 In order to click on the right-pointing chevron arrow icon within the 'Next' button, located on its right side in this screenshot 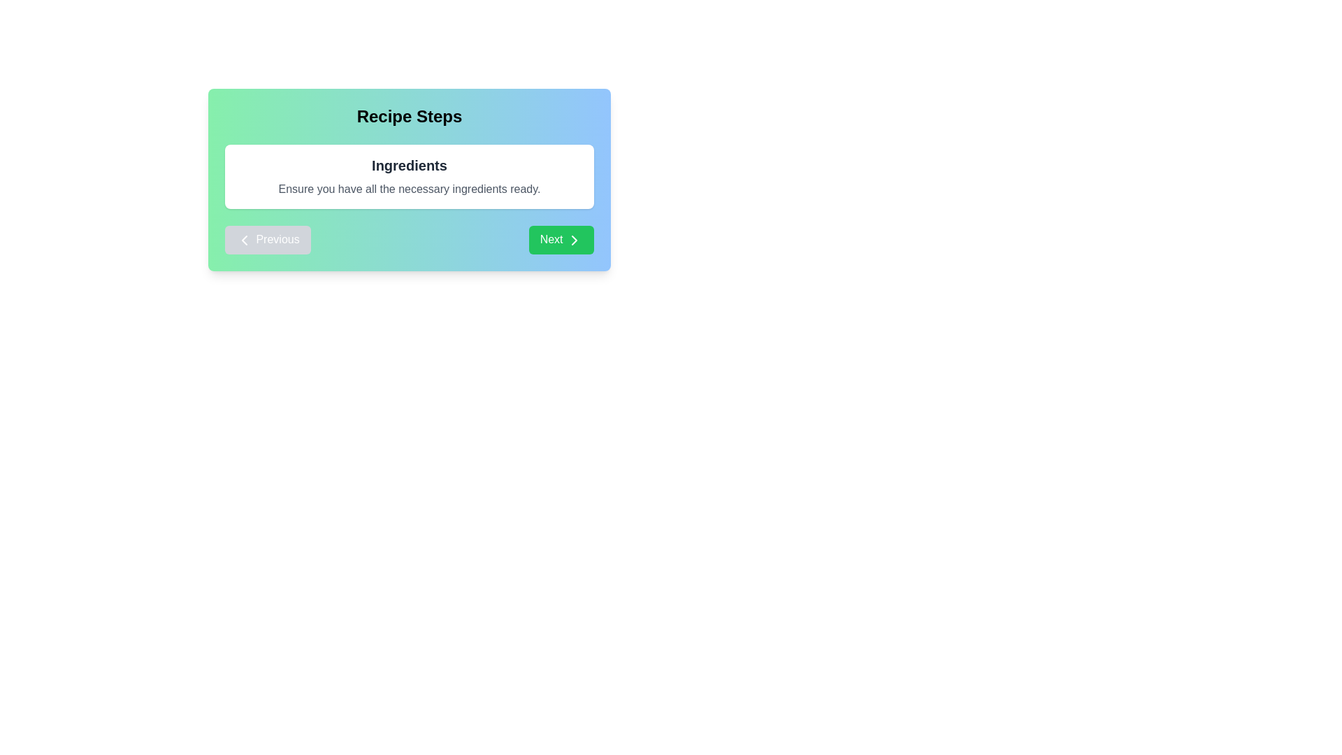, I will do `click(574, 239)`.